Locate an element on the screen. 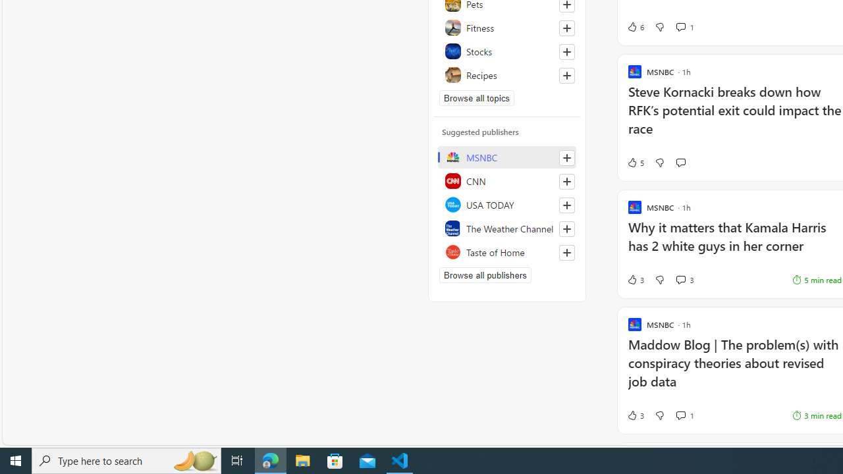 The image size is (843, 474). 'Taste of Home' is located at coordinates (506, 252).